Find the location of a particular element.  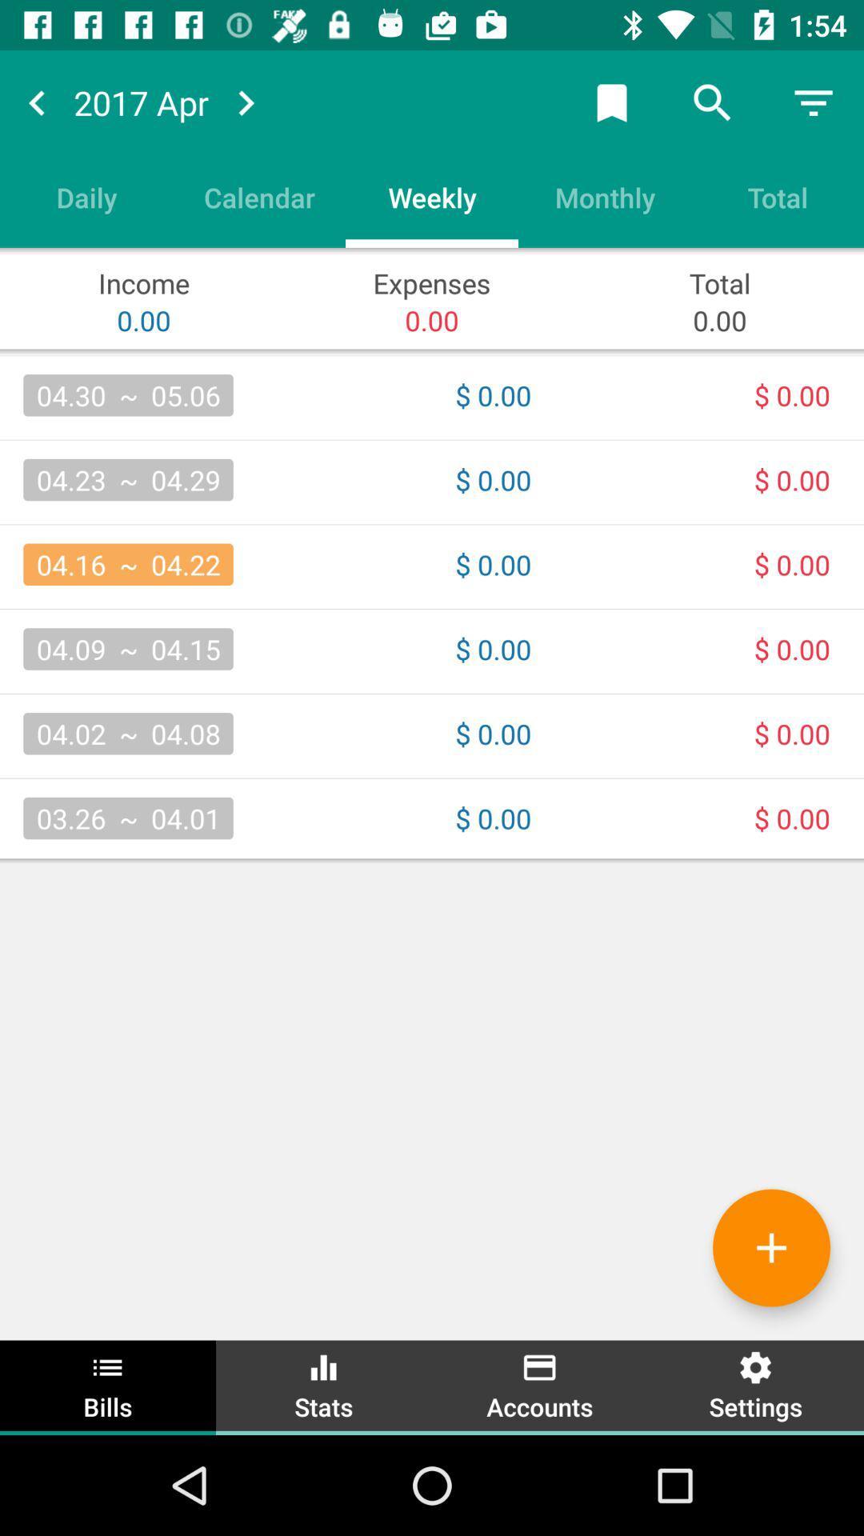

search is located at coordinates (712, 102).